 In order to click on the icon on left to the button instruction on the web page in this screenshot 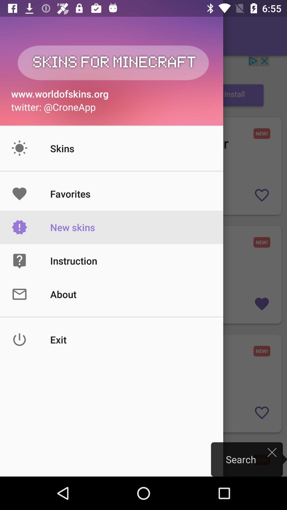, I will do `click(31, 261)`.